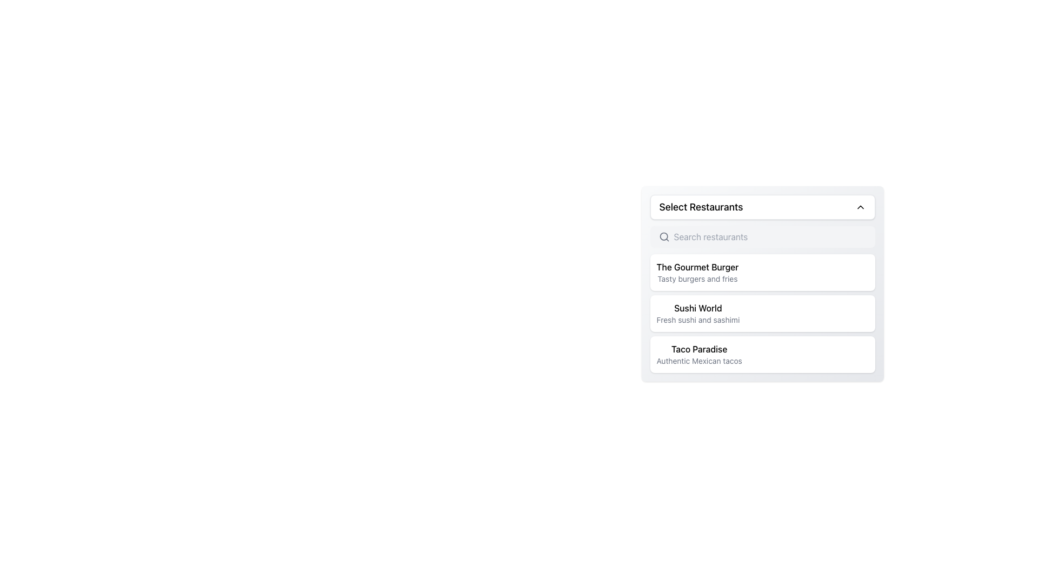  Describe the element at coordinates (701, 207) in the screenshot. I see `the text label that serves as the title for the dropdown menu, which indicates the purpose of selecting from a list of restaurants` at that location.